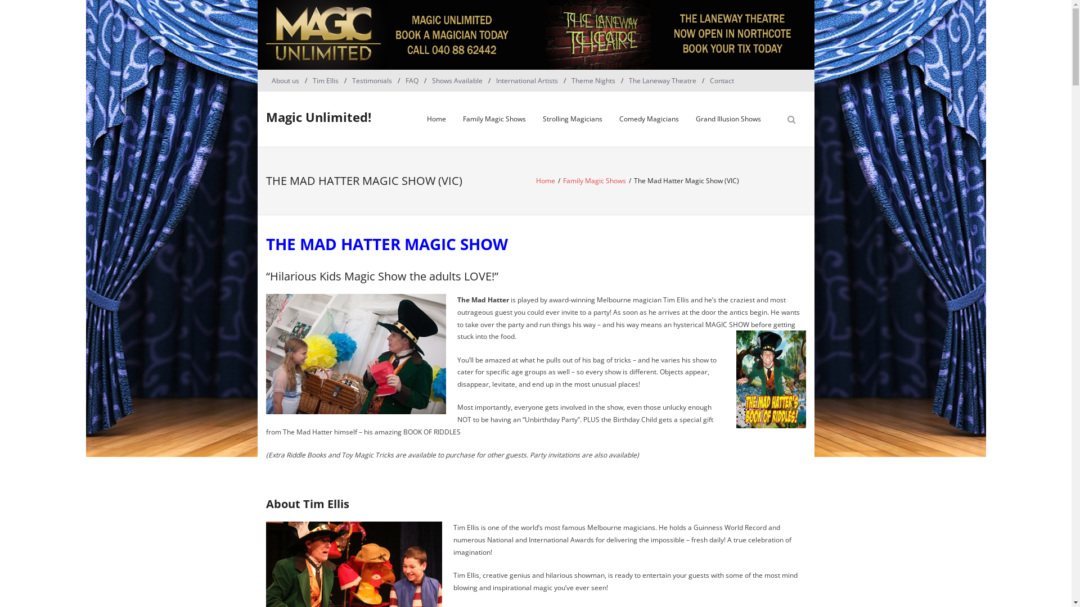 This screenshot has height=607, width=1080. Describe the element at coordinates (325, 80) in the screenshot. I see `'Tim Ellis'` at that location.